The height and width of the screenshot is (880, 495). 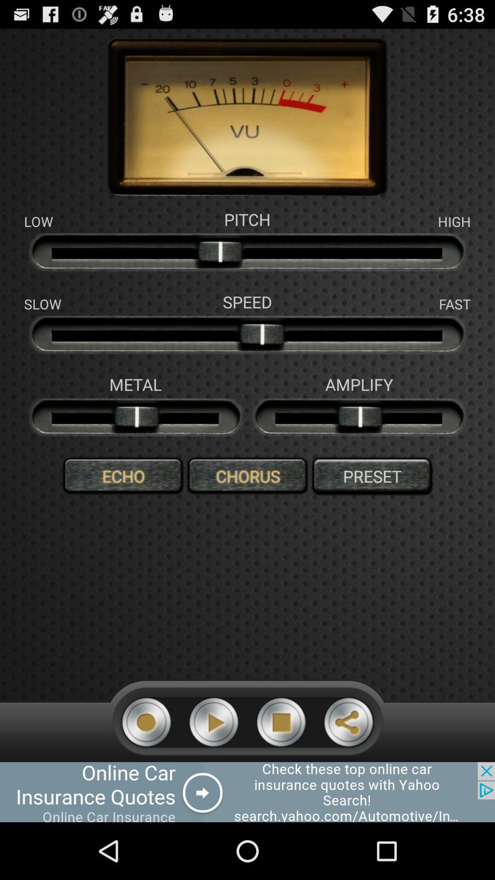 What do you see at coordinates (348, 722) in the screenshot?
I see `share` at bounding box center [348, 722].